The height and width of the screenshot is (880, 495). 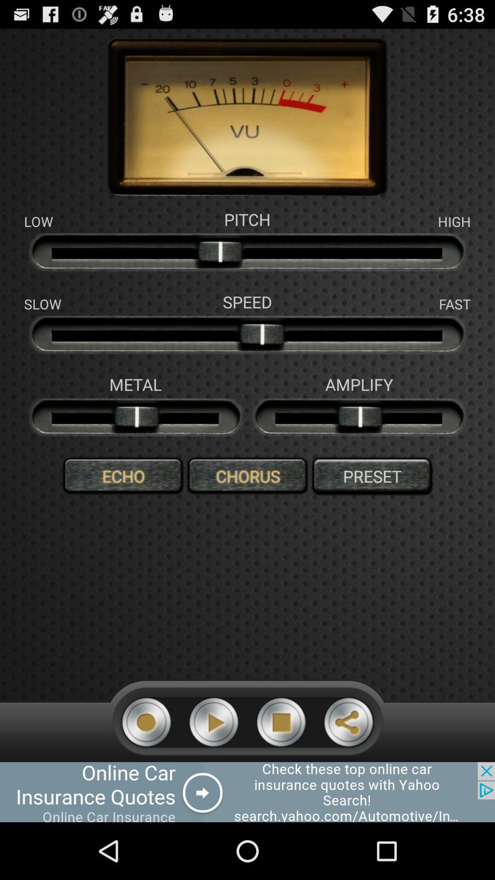 What do you see at coordinates (348, 722) in the screenshot?
I see `share` at bounding box center [348, 722].